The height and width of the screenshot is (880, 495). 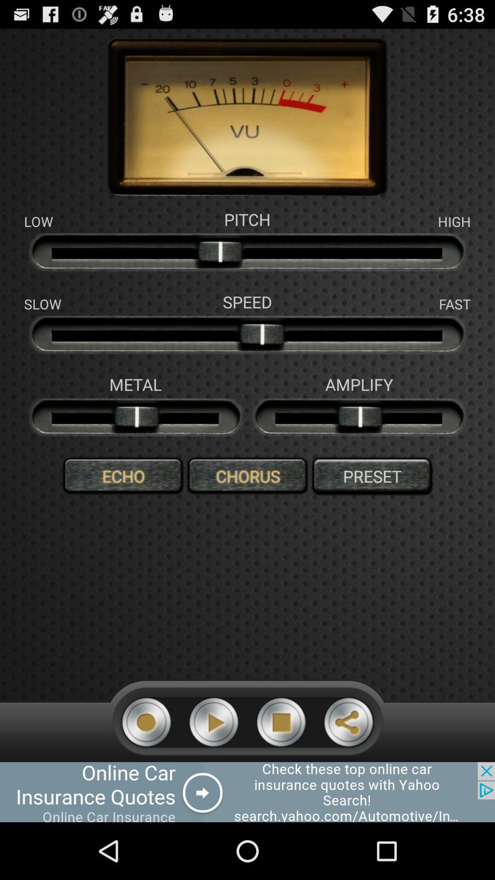 What do you see at coordinates (348, 722) in the screenshot?
I see `share` at bounding box center [348, 722].